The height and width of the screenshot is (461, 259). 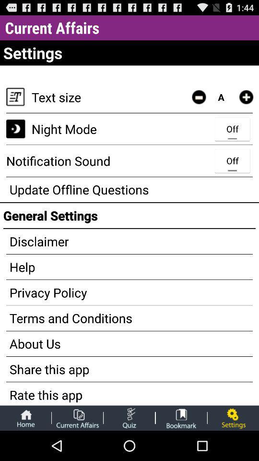 What do you see at coordinates (246, 97) in the screenshot?
I see `icon next to a item` at bounding box center [246, 97].